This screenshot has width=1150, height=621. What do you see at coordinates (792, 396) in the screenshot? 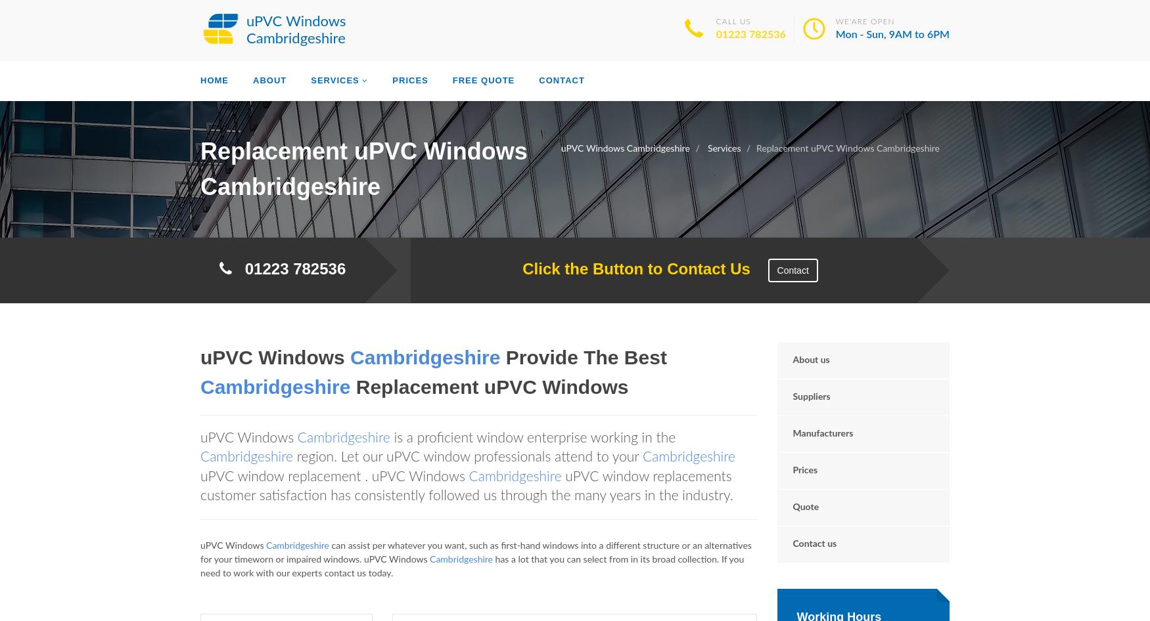
I see `'Suppliers'` at bounding box center [792, 396].